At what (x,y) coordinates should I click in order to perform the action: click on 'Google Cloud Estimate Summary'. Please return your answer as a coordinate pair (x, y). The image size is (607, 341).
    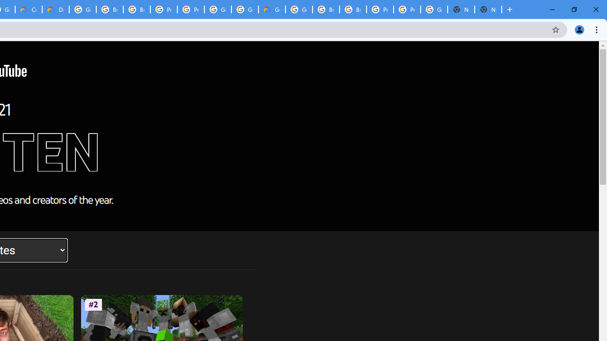
    Looking at the image, I should click on (271, 9).